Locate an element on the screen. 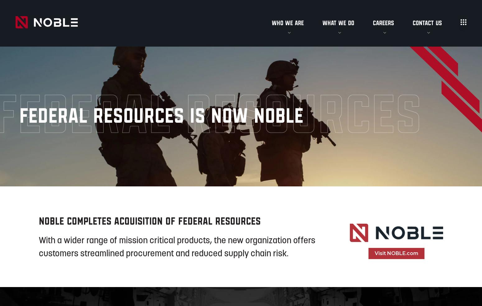 Image resolution: width=482 pixels, height=306 pixels. 'Veterans' is located at coordinates (371, 69).